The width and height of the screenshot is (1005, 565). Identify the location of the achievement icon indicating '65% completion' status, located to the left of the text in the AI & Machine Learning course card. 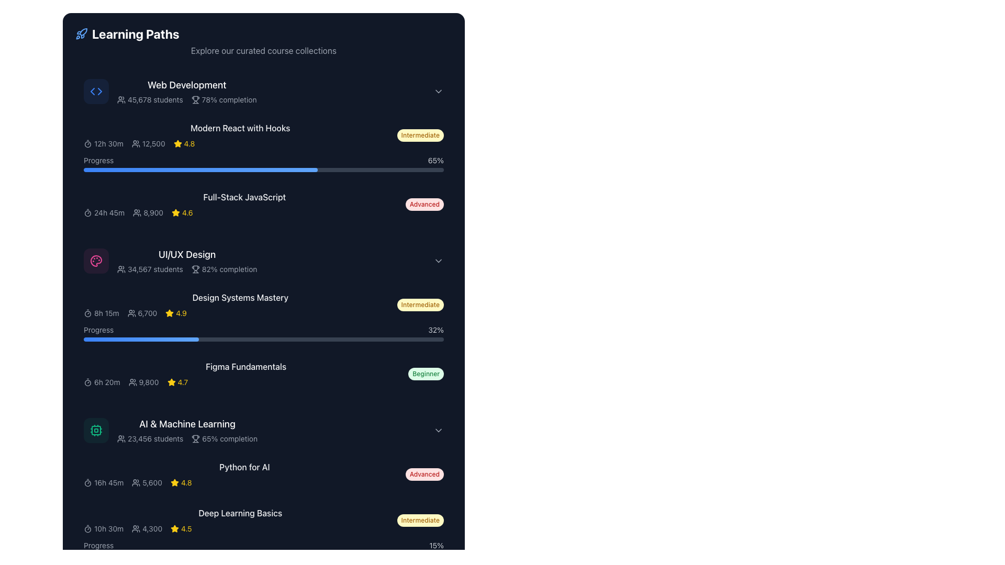
(196, 439).